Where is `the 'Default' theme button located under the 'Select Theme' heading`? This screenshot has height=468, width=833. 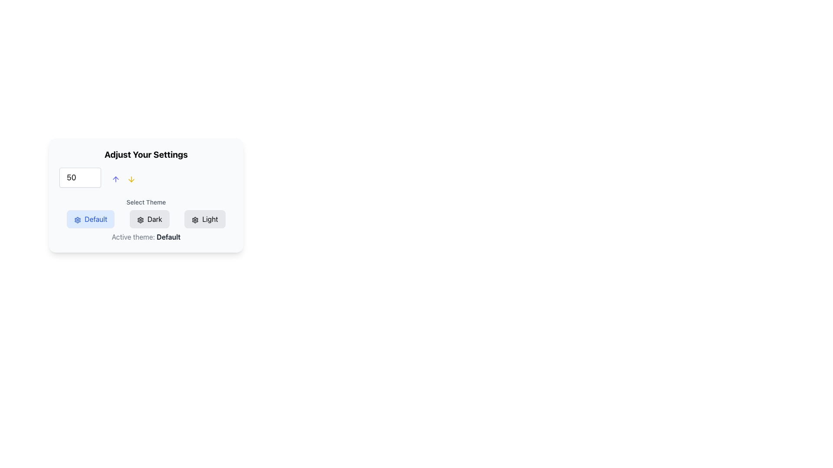
the 'Default' theme button located under the 'Select Theme' heading is located at coordinates (91, 218).